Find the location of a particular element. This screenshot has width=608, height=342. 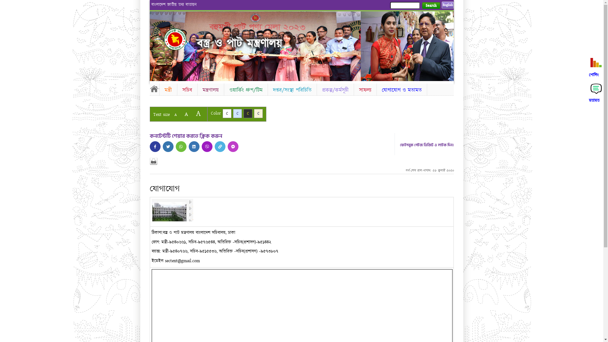

'C' is located at coordinates (222, 113).